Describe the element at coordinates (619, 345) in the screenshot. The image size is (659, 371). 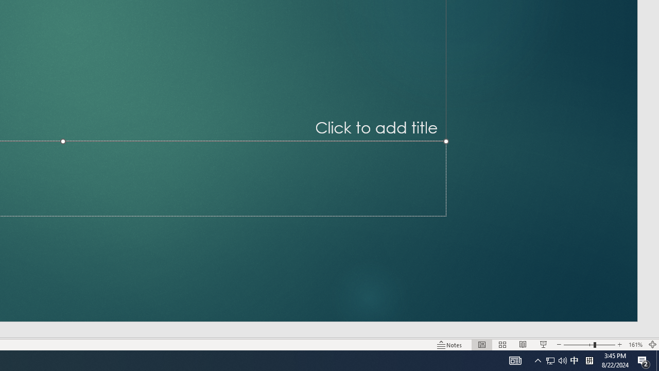
I see `'Zoom In'` at that location.